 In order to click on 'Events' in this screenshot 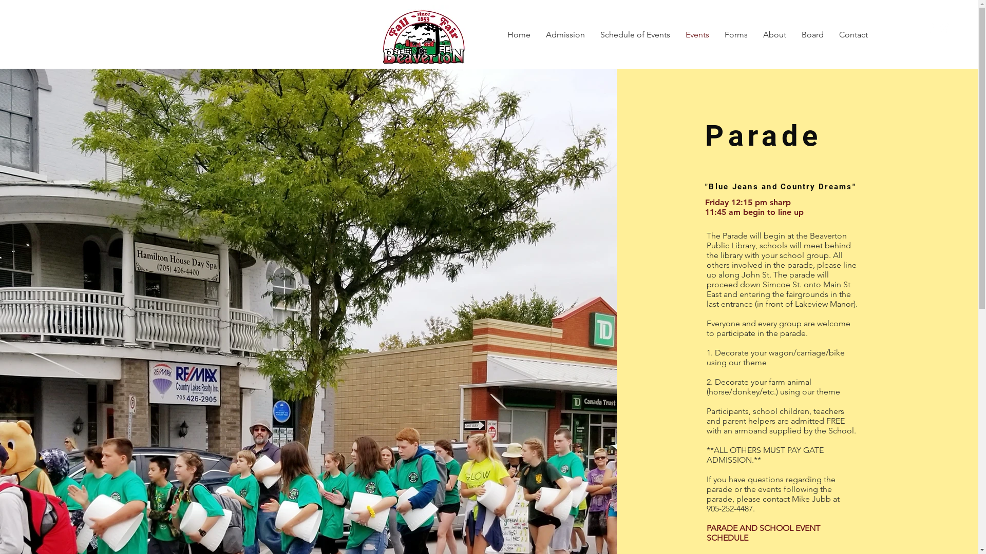, I will do `click(697, 34)`.